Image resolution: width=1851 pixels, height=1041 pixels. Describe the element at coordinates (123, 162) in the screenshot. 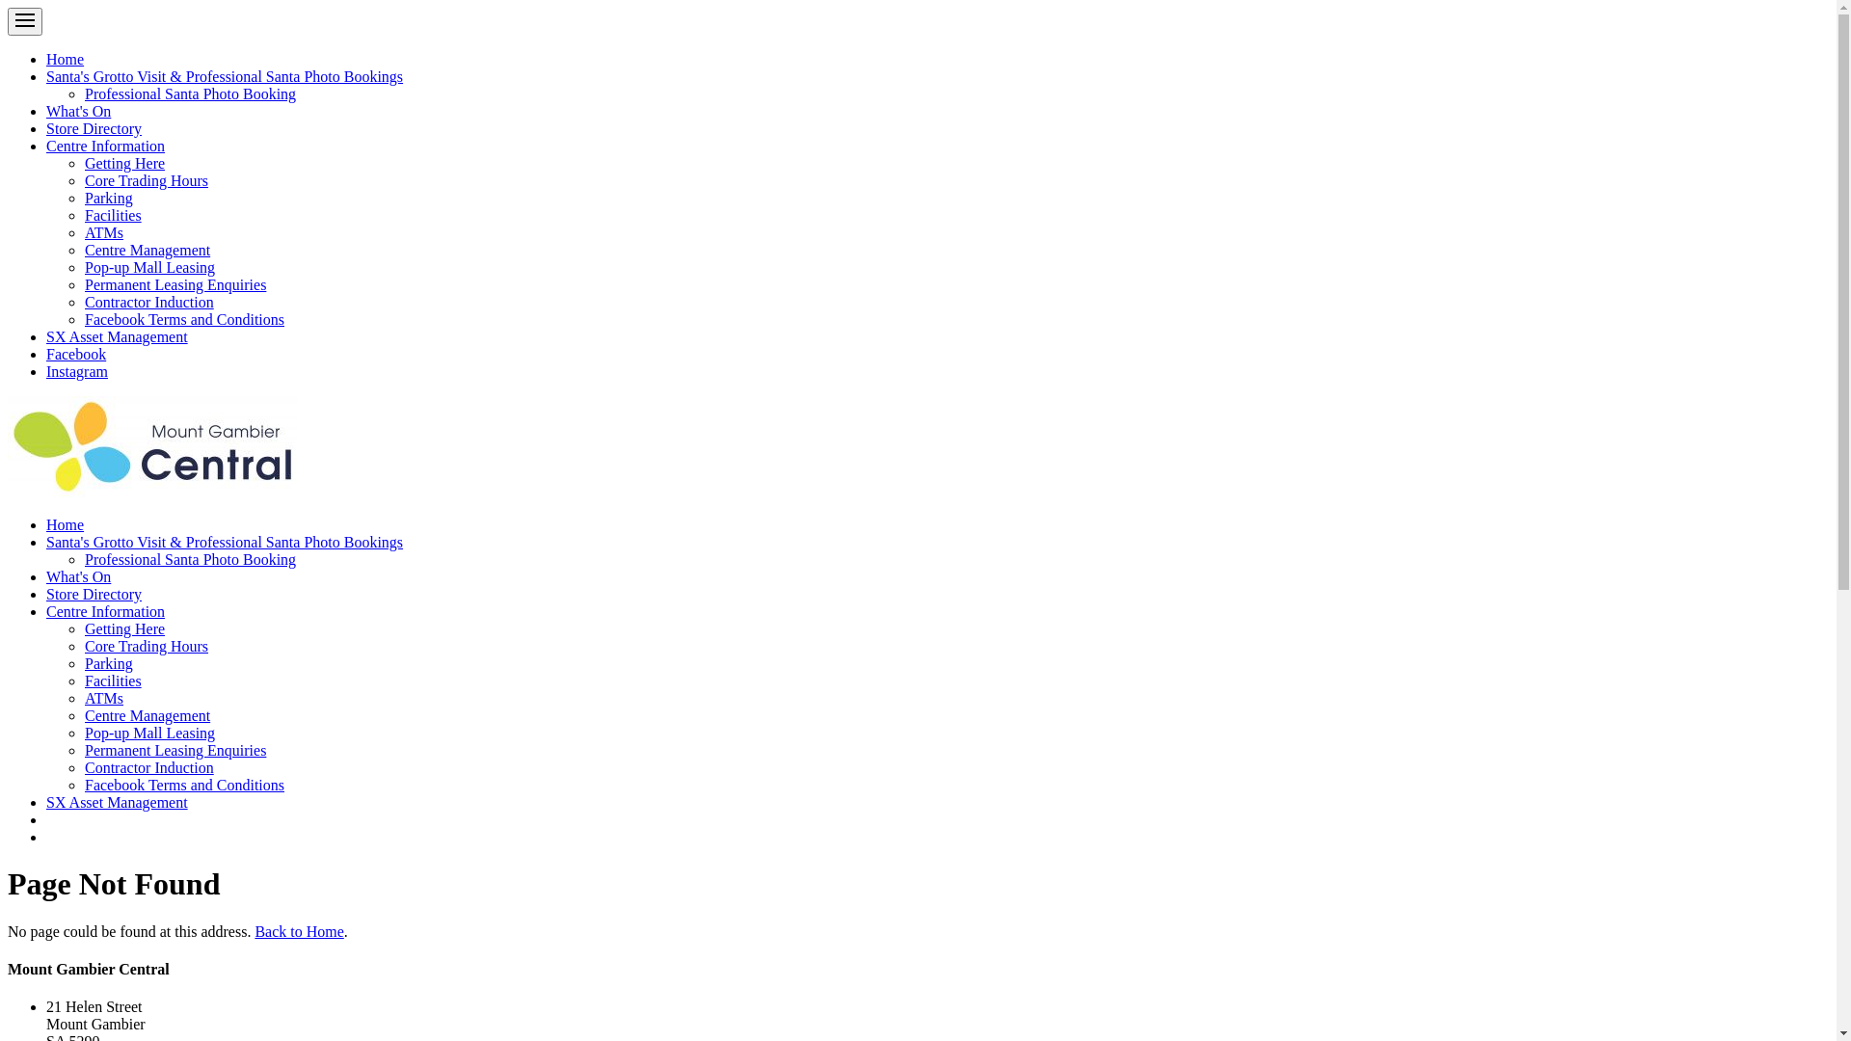

I see `'Getting Here'` at that location.